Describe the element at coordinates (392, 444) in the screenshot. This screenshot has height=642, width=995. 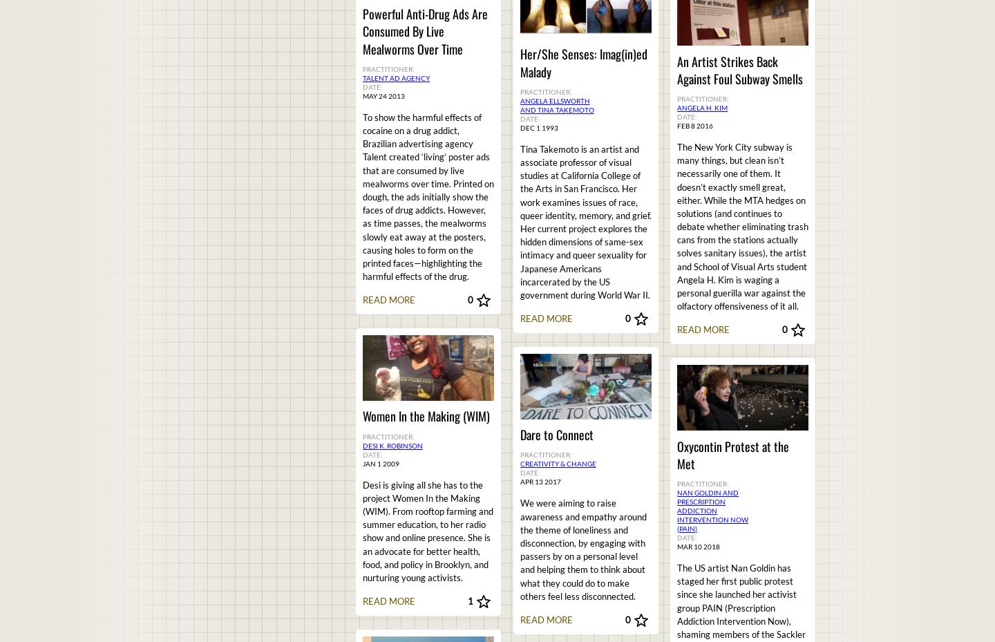
I see `'Desi K. Robinson'` at that location.